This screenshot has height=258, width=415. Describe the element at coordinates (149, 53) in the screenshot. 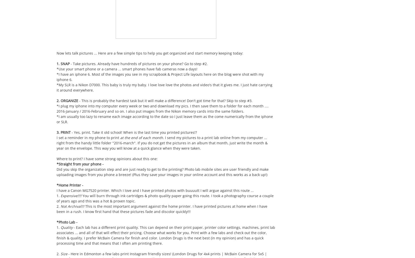

I see `'Now lets talk pictures ... Here are a few simple tips to help you get organized and start memory keeping today:'` at that location.